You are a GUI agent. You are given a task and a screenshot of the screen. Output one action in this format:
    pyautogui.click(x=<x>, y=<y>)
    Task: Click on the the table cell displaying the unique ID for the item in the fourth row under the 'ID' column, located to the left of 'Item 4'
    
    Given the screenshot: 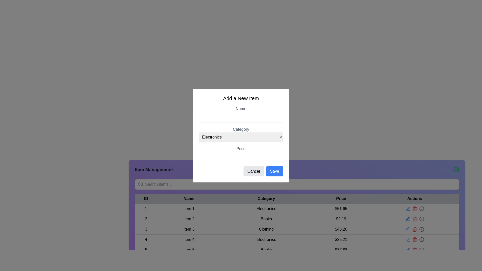 What is the action you would take?
    pyautogui.click(x=146, y=239)
    